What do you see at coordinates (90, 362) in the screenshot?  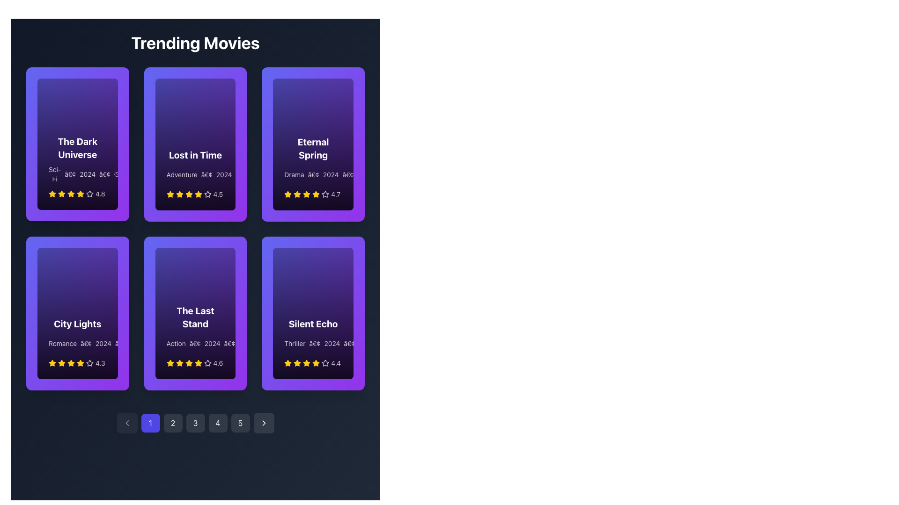 I see `the seventh star icon in the 5-star rating system beneath the text 'City Lights', which visually represents an unselected rating` at bounding box center [90, 362].